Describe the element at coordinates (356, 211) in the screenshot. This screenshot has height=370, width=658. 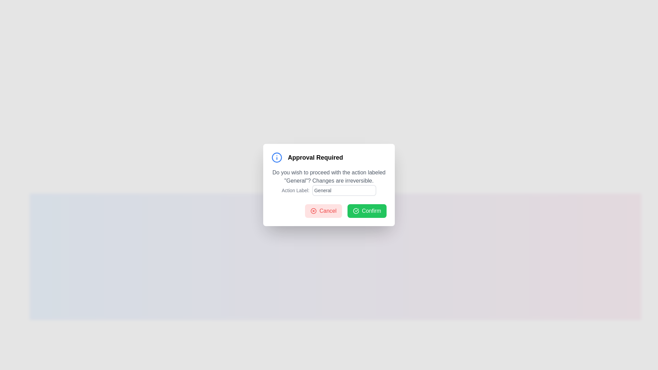
I see `the circular checkmark icon with a green background located within the 'Confirm' button at the bottom-right of the modal` at that location.